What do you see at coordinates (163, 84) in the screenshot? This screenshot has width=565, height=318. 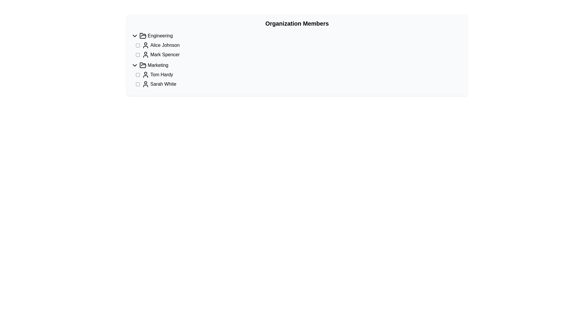 I see `the text label element displaying 'Sarah White' for accessibility, located under the 'Marketing' category as the second user entry` at bounding box center [163, 84].